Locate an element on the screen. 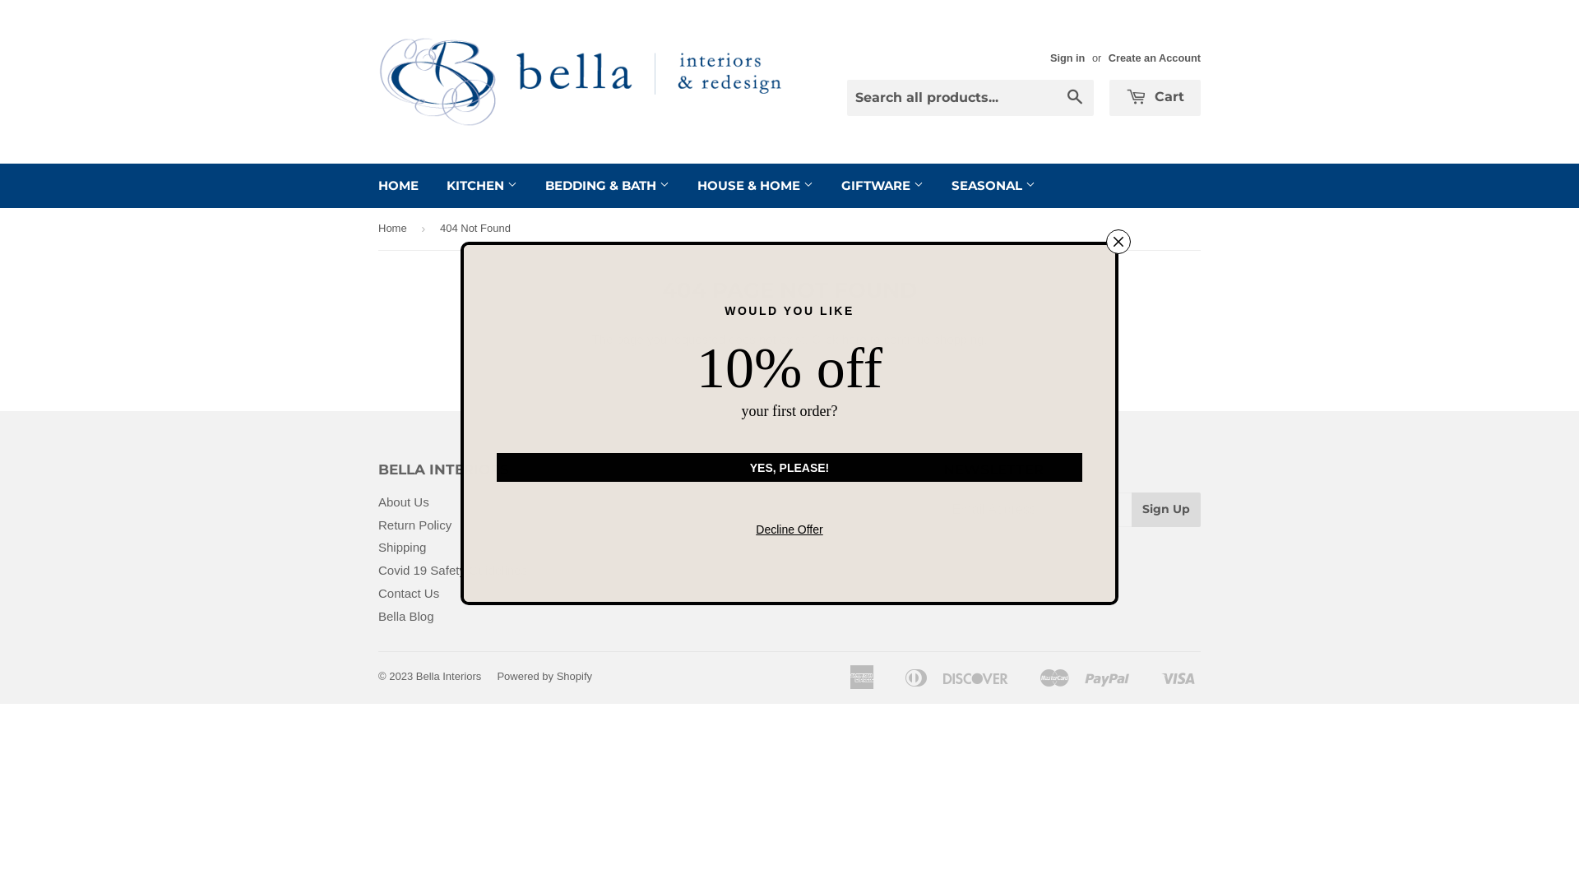 This screenshot has height=888, width=1579. 'Covid 19 Safety Guidelines' is located at coordinates (452, 569).